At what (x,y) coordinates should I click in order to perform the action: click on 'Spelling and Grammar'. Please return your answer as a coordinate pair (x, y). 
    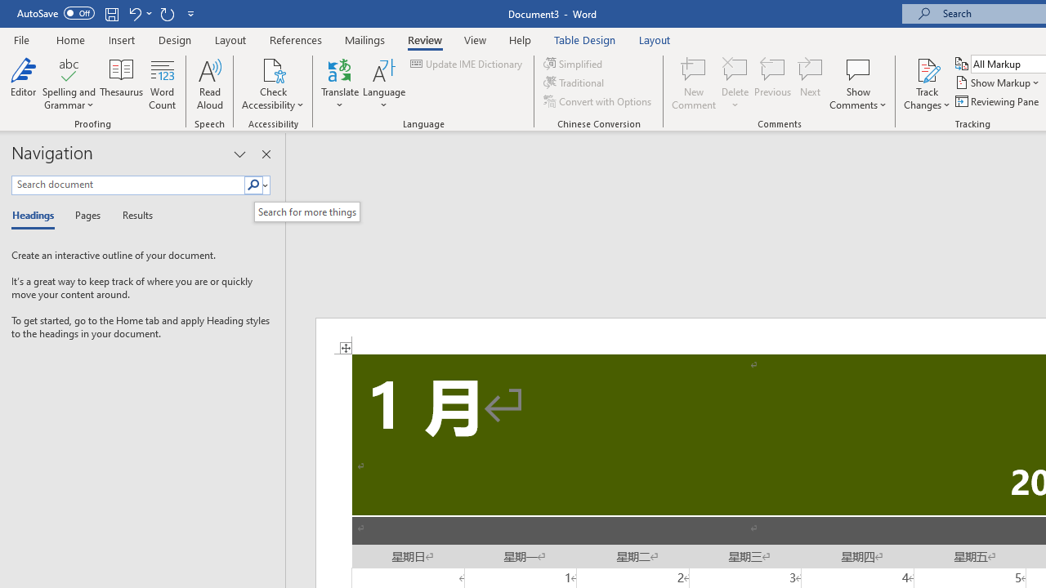
    Looking at the image, I should click on (69, 69).